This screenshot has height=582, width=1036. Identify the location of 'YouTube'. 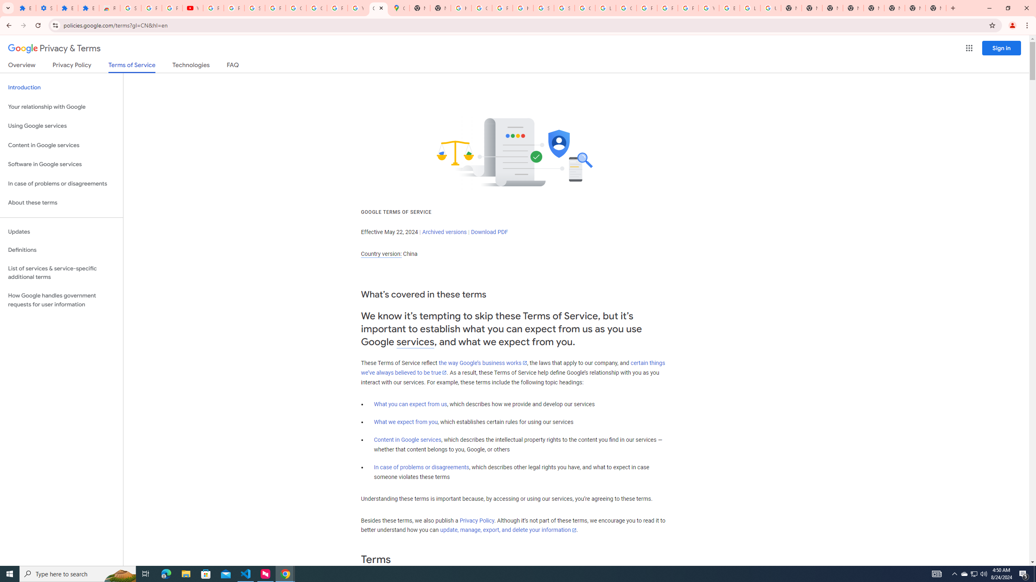
(193, 8).